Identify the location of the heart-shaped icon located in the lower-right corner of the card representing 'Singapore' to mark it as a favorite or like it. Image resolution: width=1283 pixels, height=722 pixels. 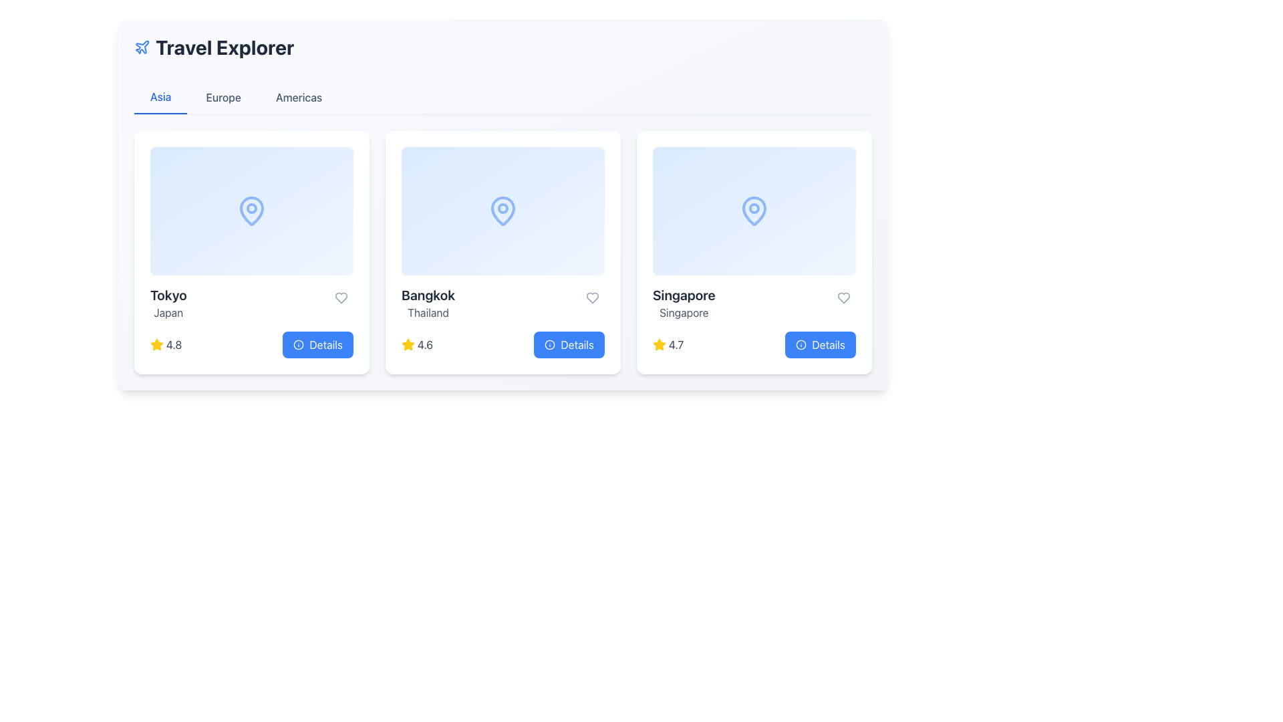
(843, 297).